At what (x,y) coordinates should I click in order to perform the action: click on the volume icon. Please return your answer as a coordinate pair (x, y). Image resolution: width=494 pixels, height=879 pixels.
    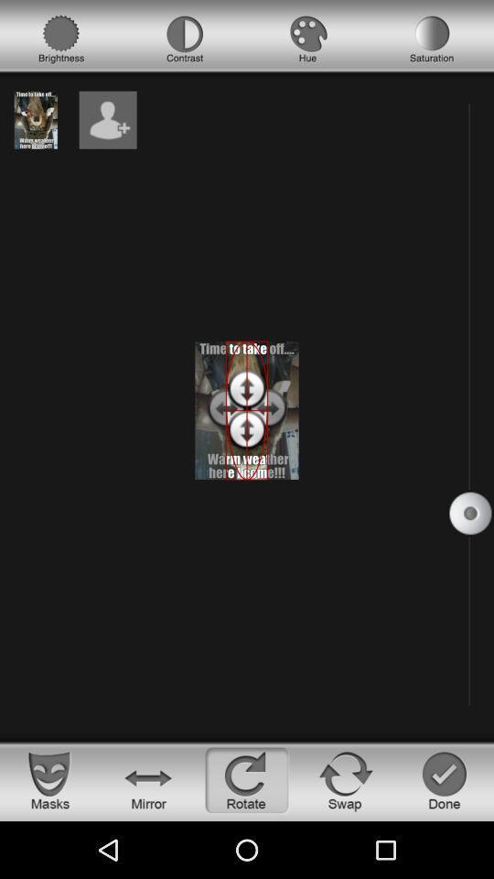
    Looking at the image, I should click on (185, 38).